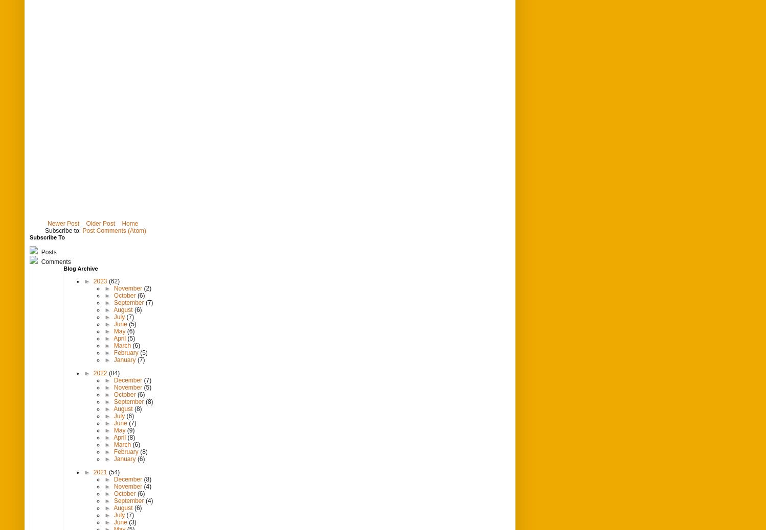 The width and height of the screenshot is (766, 530). Describe the element at coordinates (132, 522) in the screenshot. I see `'(3)'` at that location.